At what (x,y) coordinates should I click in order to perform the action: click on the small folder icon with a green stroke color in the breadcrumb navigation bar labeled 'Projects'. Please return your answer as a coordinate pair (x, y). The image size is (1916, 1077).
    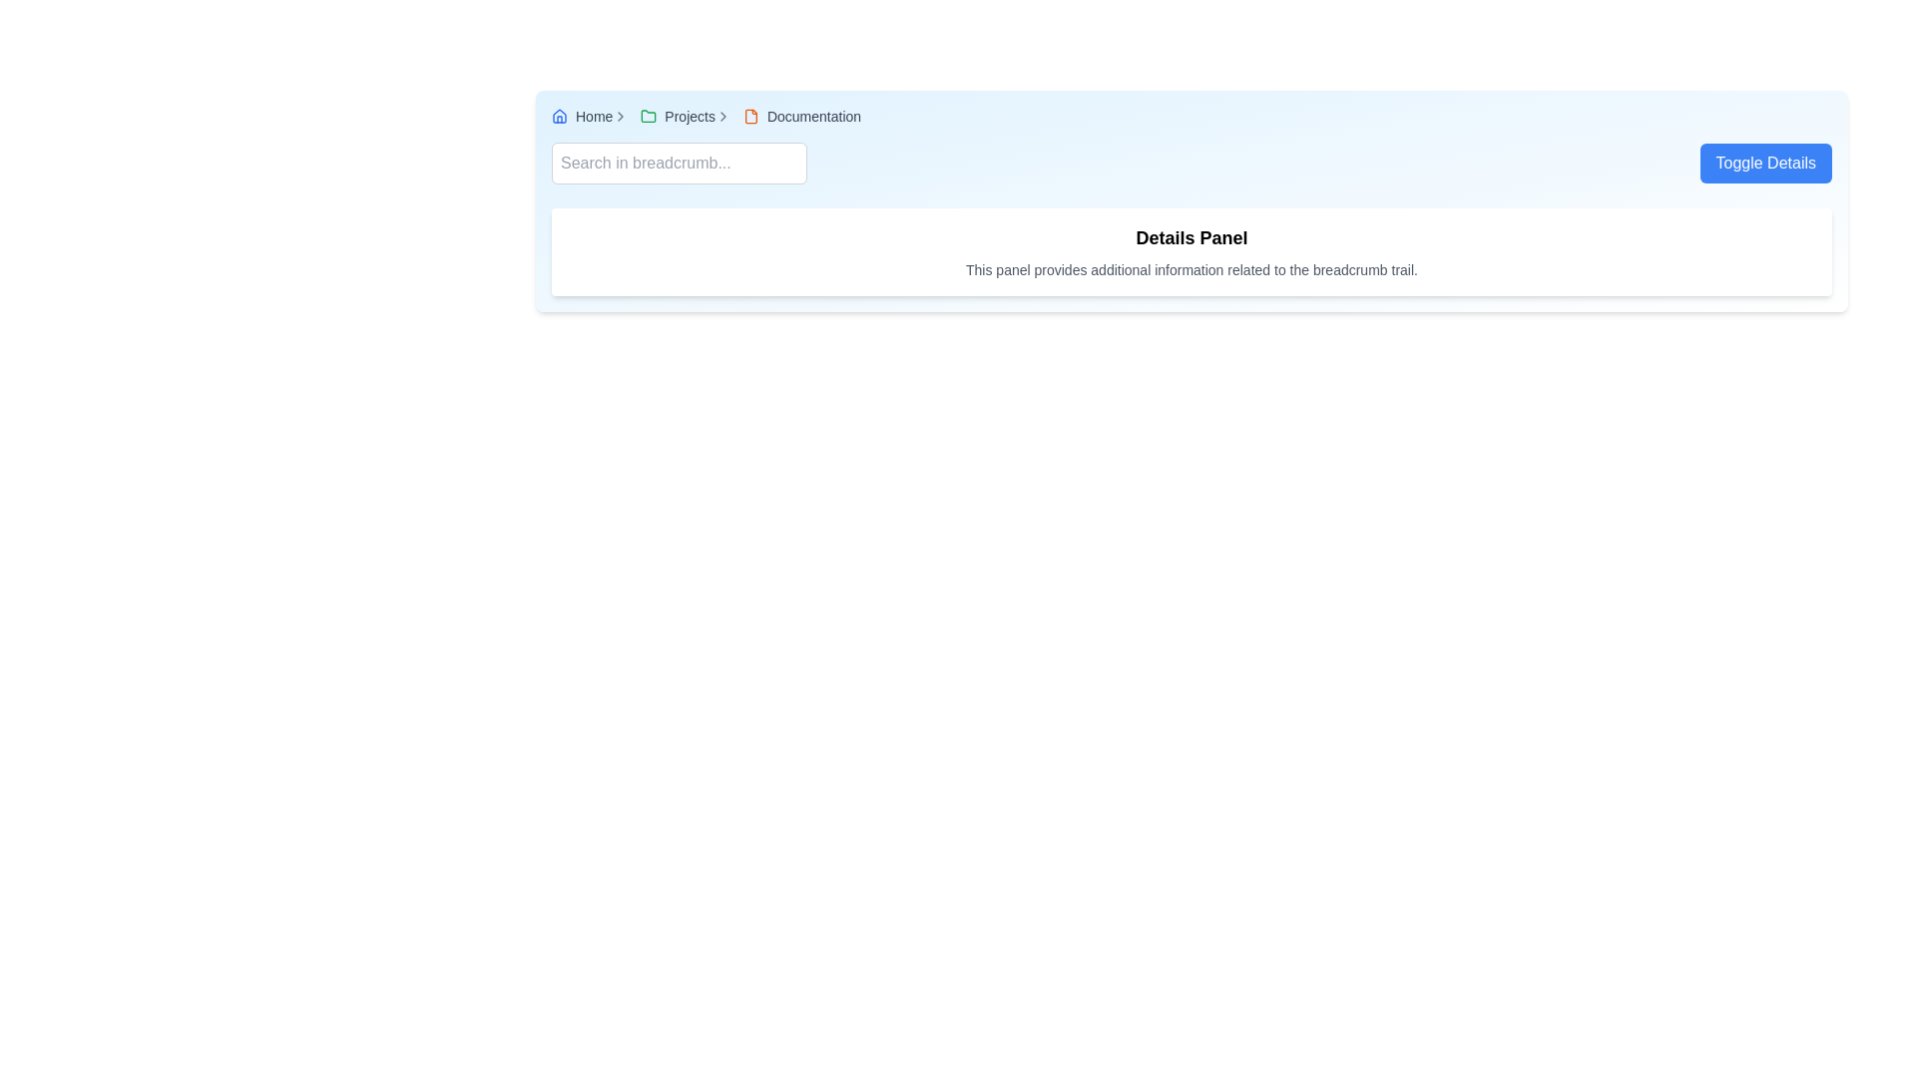
    Looking at the image, I should click on (649, 116).